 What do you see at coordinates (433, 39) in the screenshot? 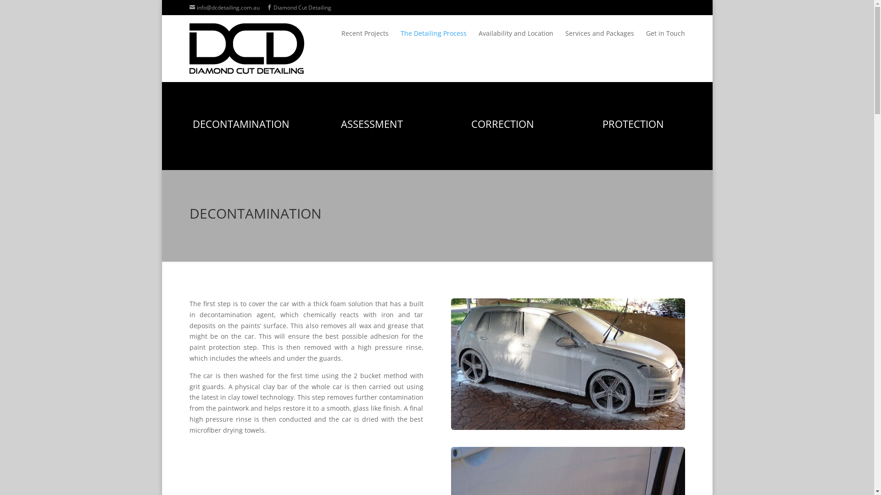
I see `'The Detailing Process'` at bounding box center [433, 39].